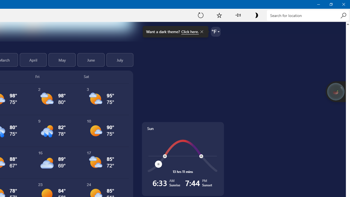  I want to click on 'Search', so click(343, 15).